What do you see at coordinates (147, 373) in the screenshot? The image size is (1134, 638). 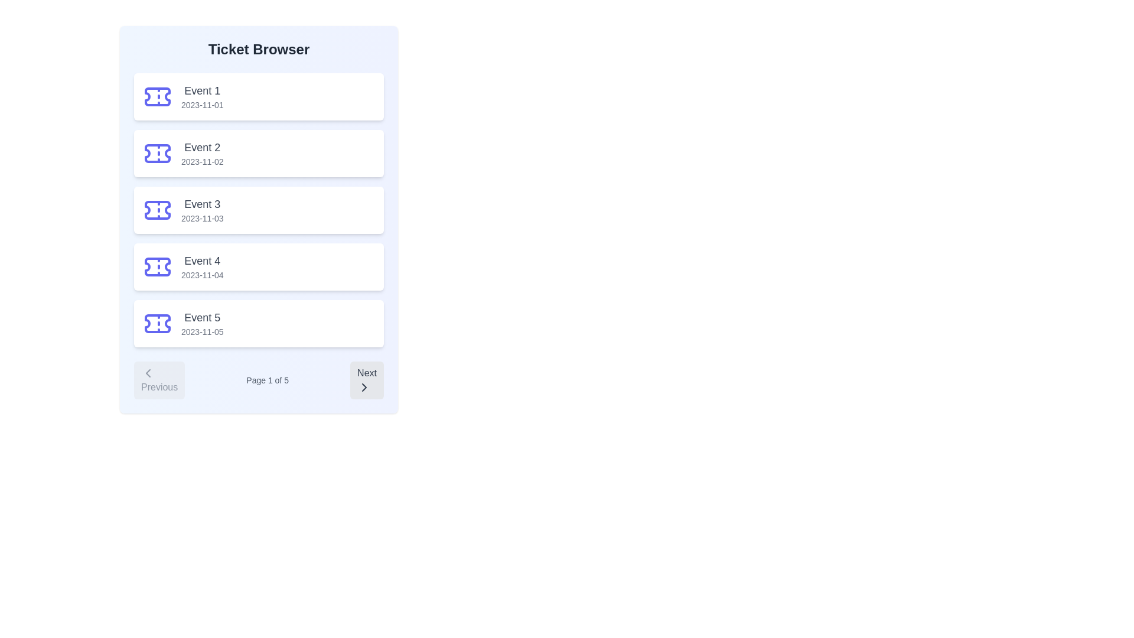 I see `the left-facing chevron icon located within the 'Previous' button in the pagination control section at the bottom of the pane that lists events` at bounding box center [147, 373].